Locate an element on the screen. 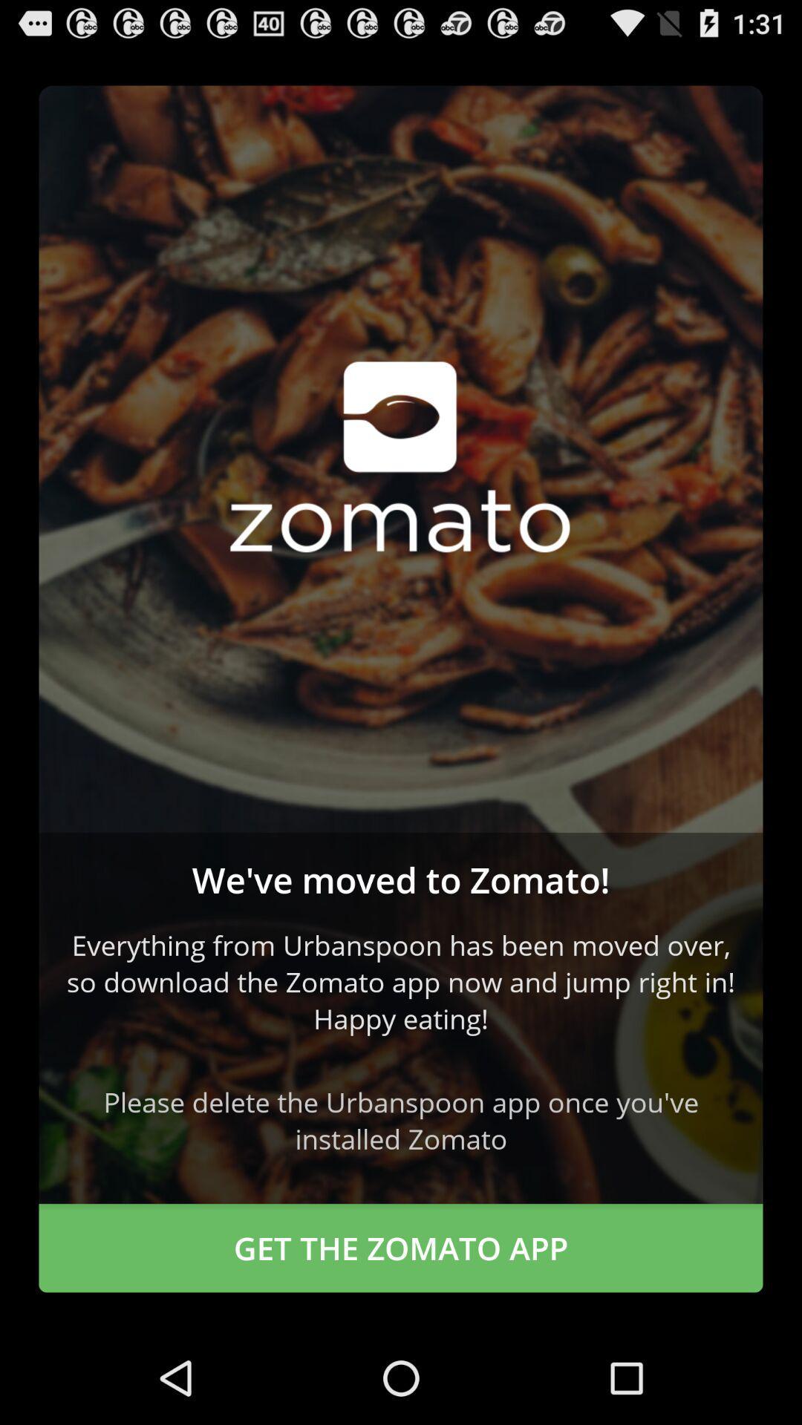 The height and width of the screenshot is (1425, 802). open app is located at coordinates (401, 458).